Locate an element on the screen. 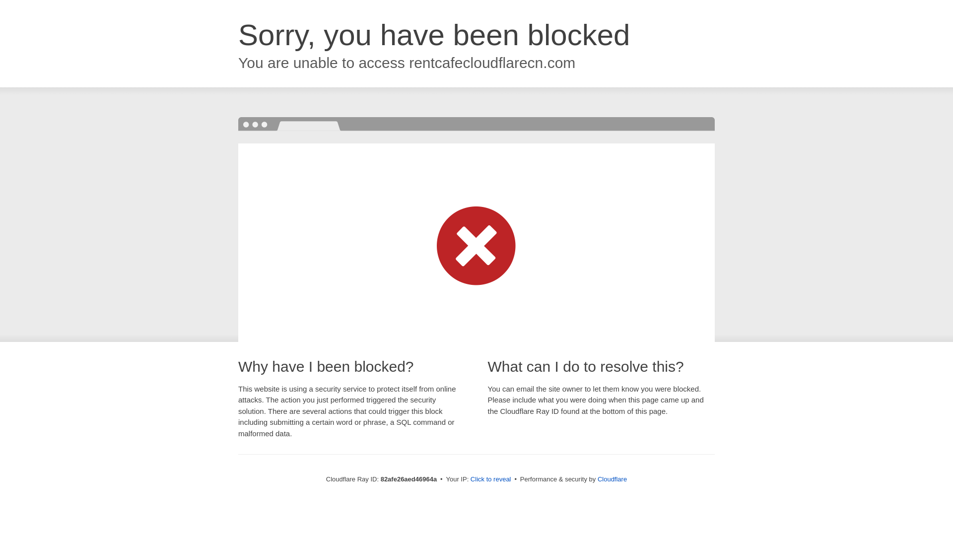 This screenshot has height=536, width=953. 'Cloudflare' is located at coordinates (597, 478).